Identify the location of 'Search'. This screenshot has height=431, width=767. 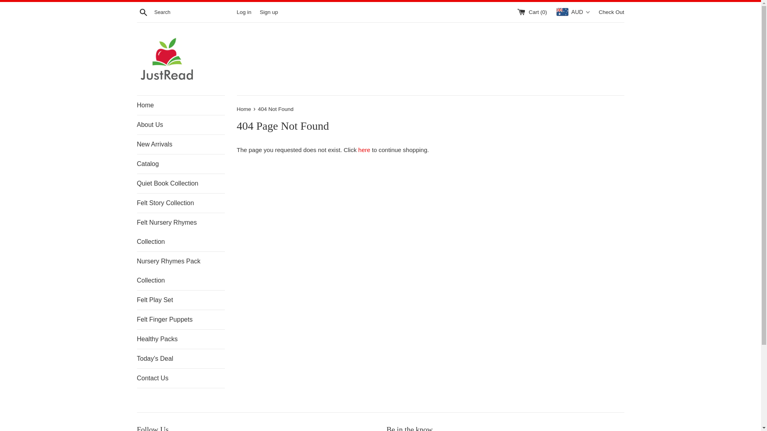
(143, 12).